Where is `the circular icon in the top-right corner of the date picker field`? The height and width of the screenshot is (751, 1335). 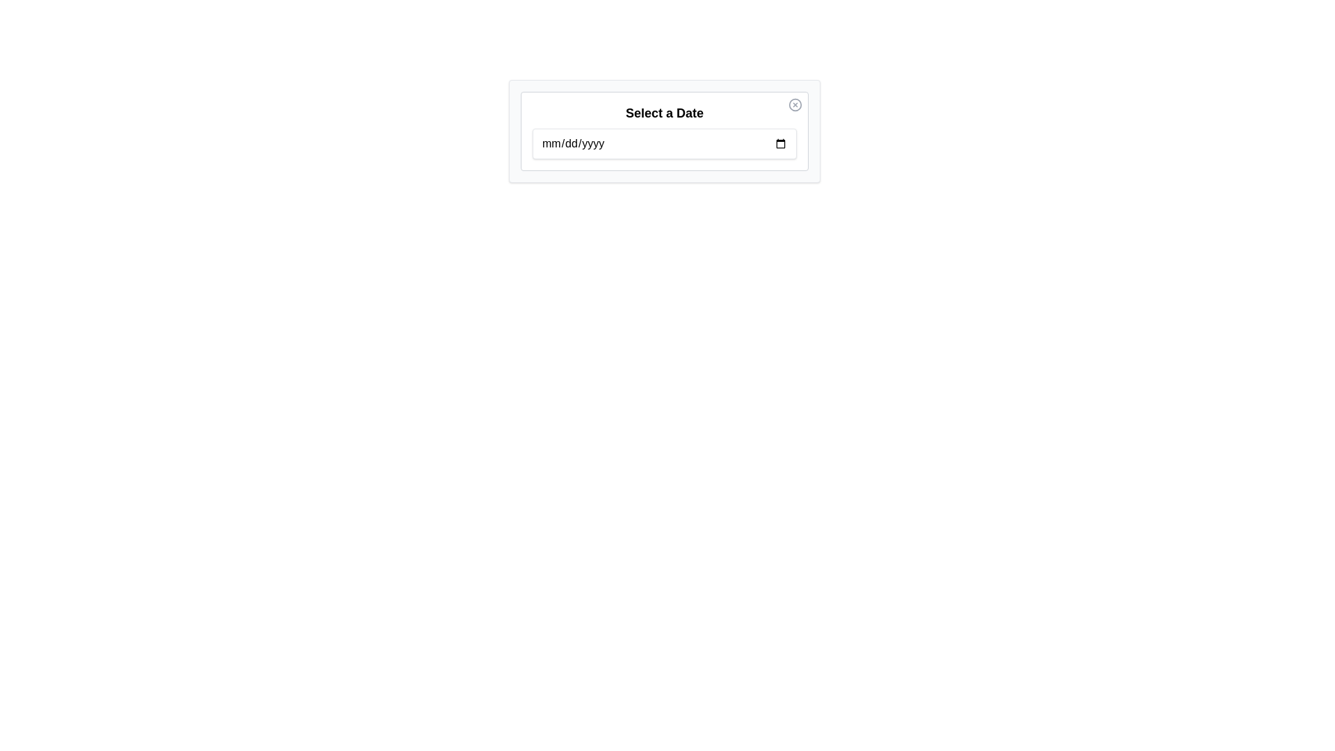 the circular icon in the top-right corner of the date picker field is located at coordinates (795, 104).